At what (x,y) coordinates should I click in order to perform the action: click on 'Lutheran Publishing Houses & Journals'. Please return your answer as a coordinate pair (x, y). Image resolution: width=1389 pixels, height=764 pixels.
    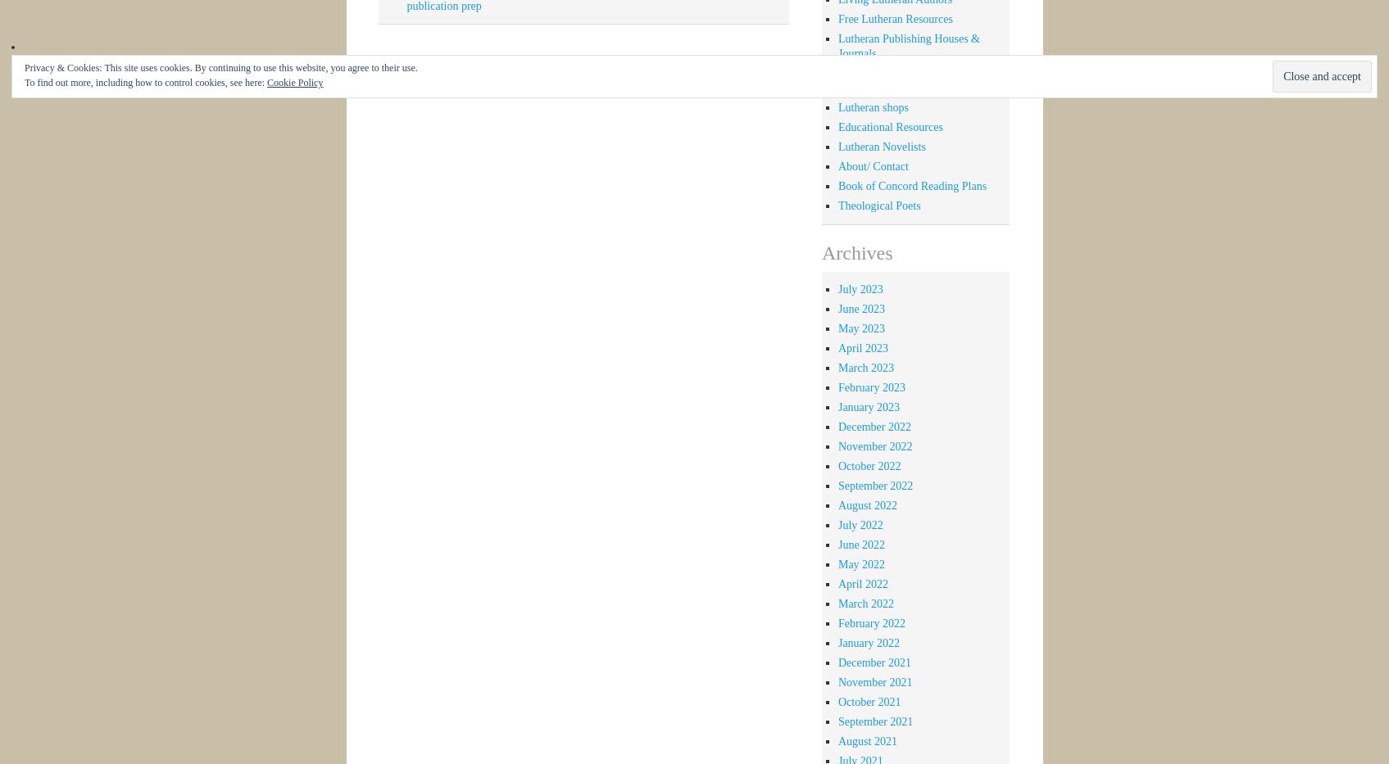
    Looking at the image, I should click on (908, 45).